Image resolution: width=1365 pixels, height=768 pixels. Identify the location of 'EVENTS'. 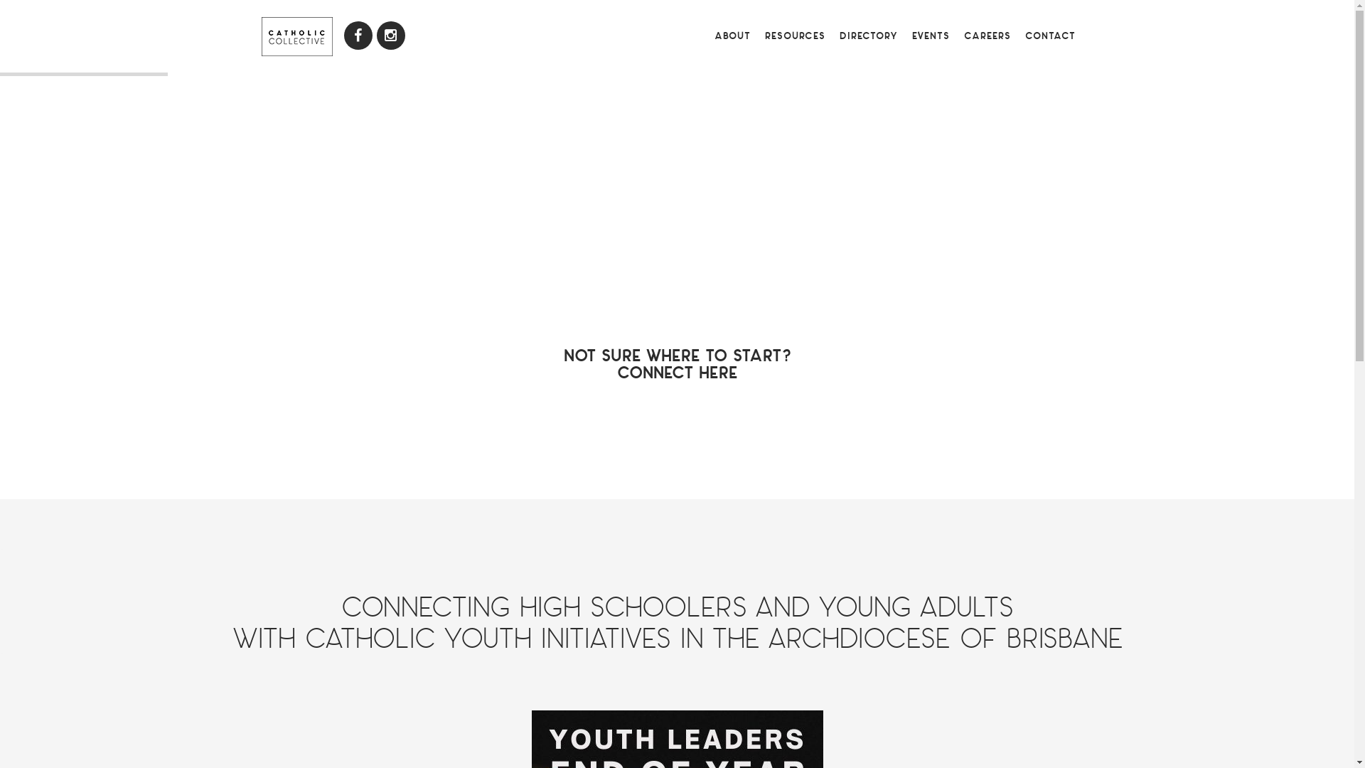
(930, 35).